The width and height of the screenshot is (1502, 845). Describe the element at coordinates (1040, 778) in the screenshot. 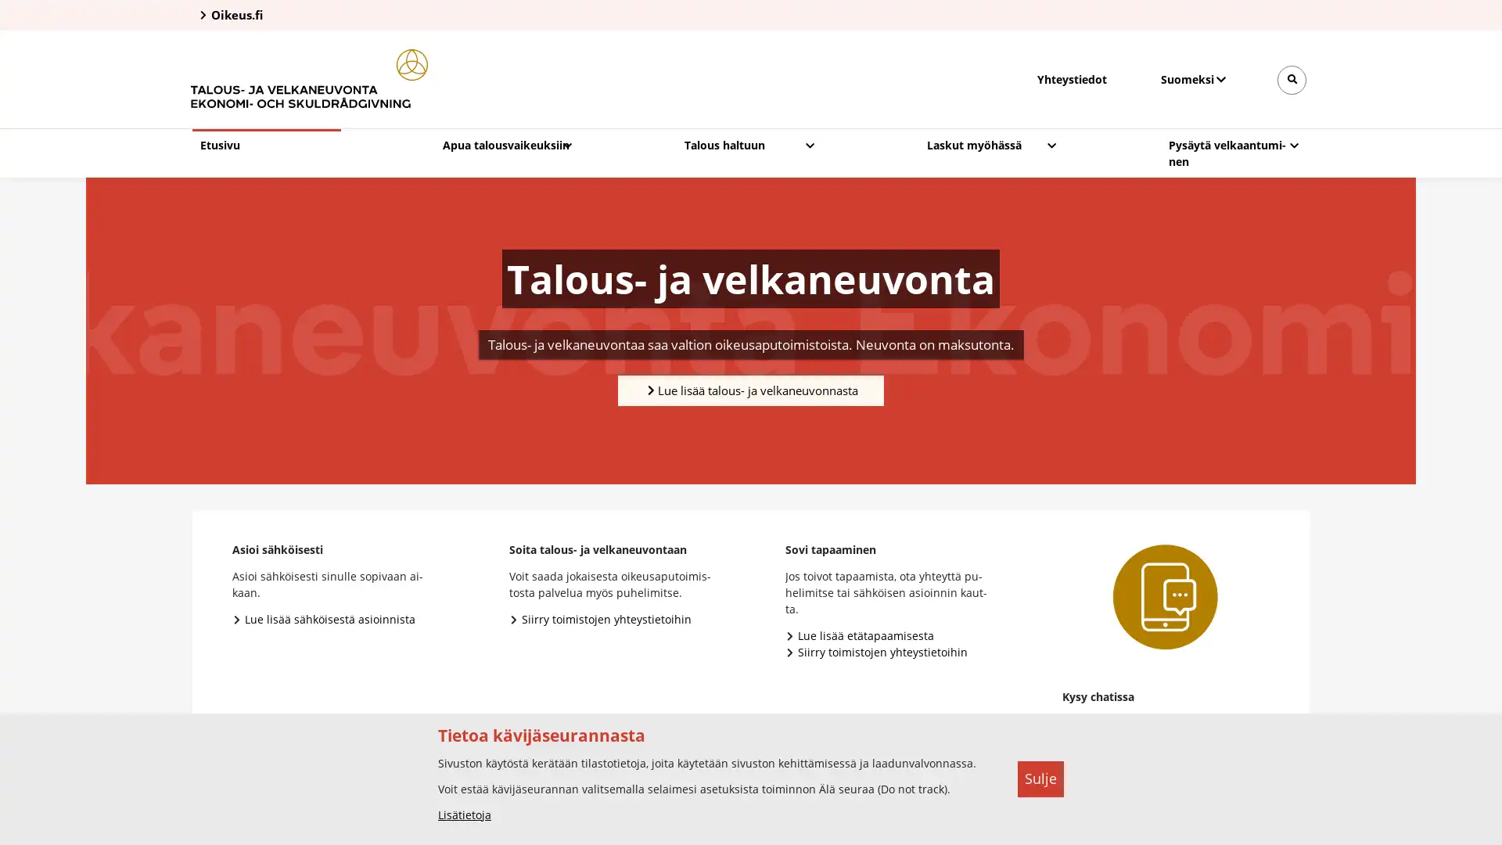

I see `Sulje` at that location.